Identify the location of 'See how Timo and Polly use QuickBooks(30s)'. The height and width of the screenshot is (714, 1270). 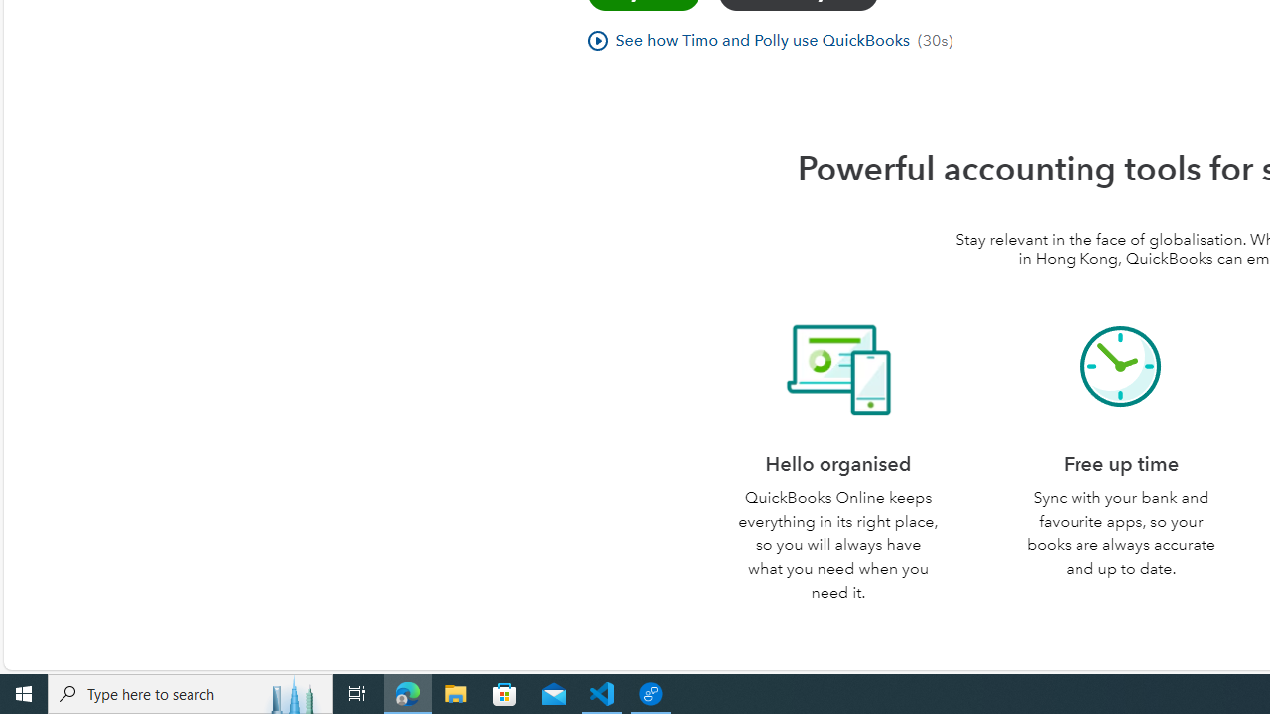
(769, 42).